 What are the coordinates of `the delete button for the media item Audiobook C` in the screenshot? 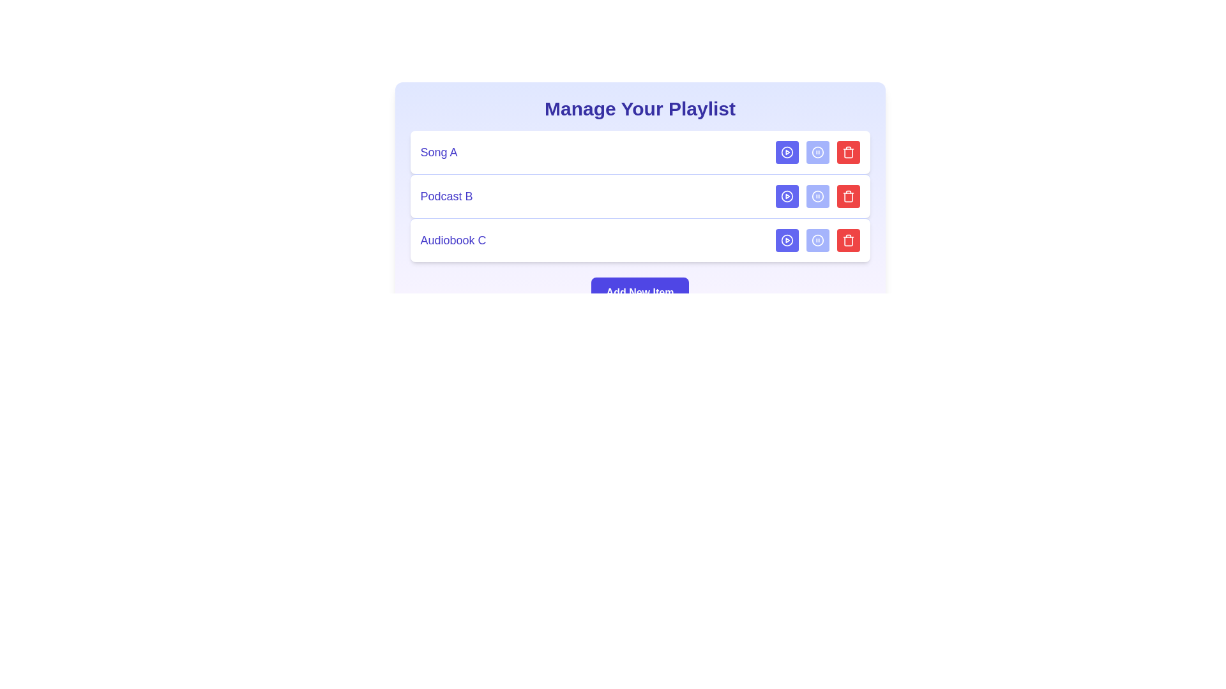 It's located at (848, 241).